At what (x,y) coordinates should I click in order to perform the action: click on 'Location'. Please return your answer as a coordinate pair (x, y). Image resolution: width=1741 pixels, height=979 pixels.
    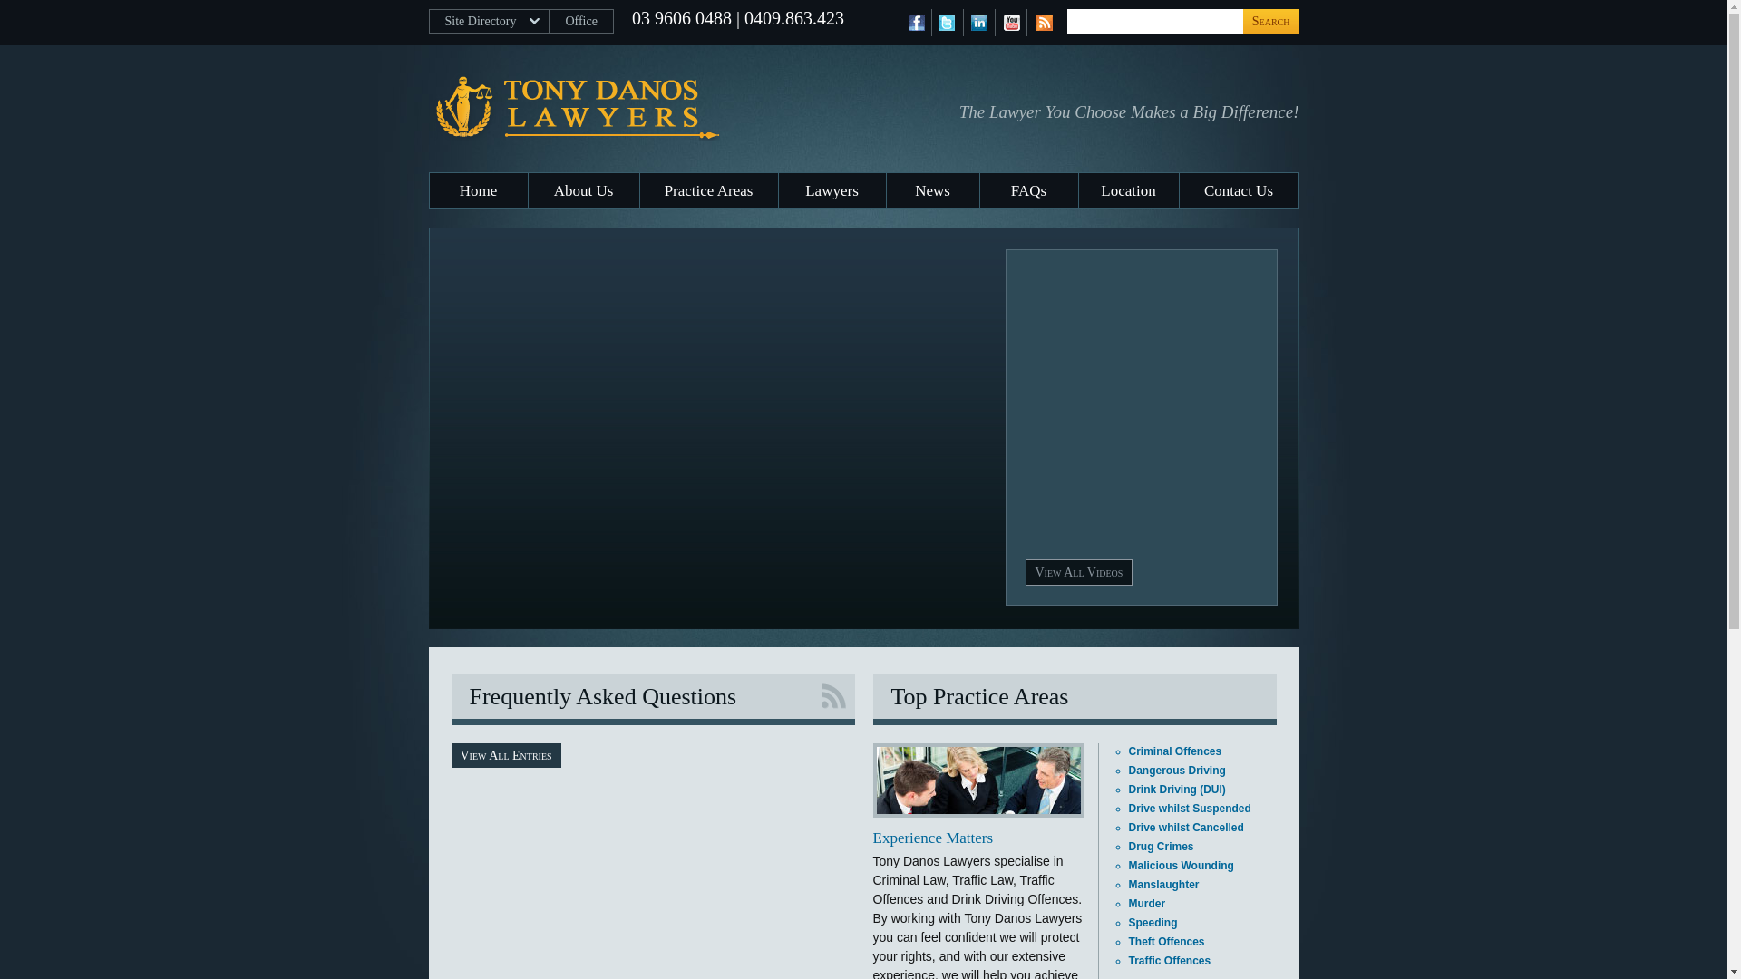
    Looking at the image, I should click on (1079, 190).